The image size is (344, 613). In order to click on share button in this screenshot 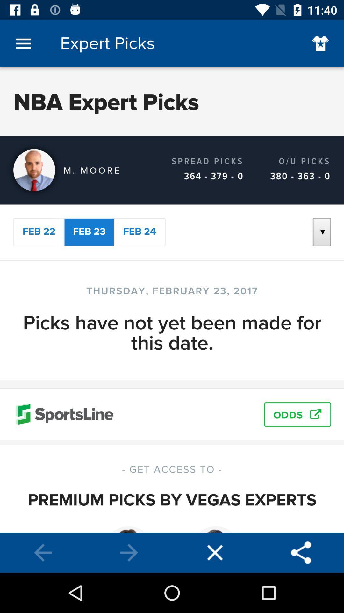, I will do `click(301, 552)`.